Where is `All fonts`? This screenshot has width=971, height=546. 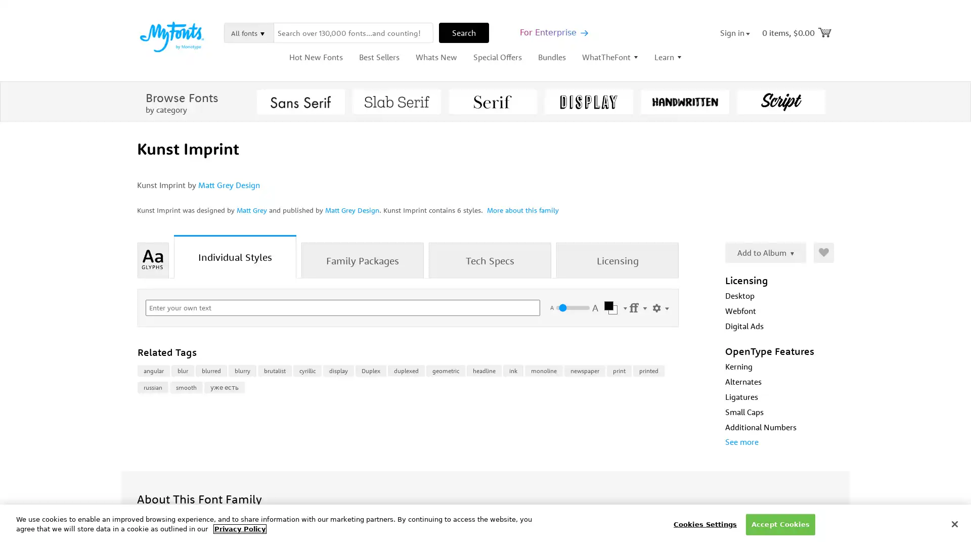
All fonts is located at coordinates (249, 32).